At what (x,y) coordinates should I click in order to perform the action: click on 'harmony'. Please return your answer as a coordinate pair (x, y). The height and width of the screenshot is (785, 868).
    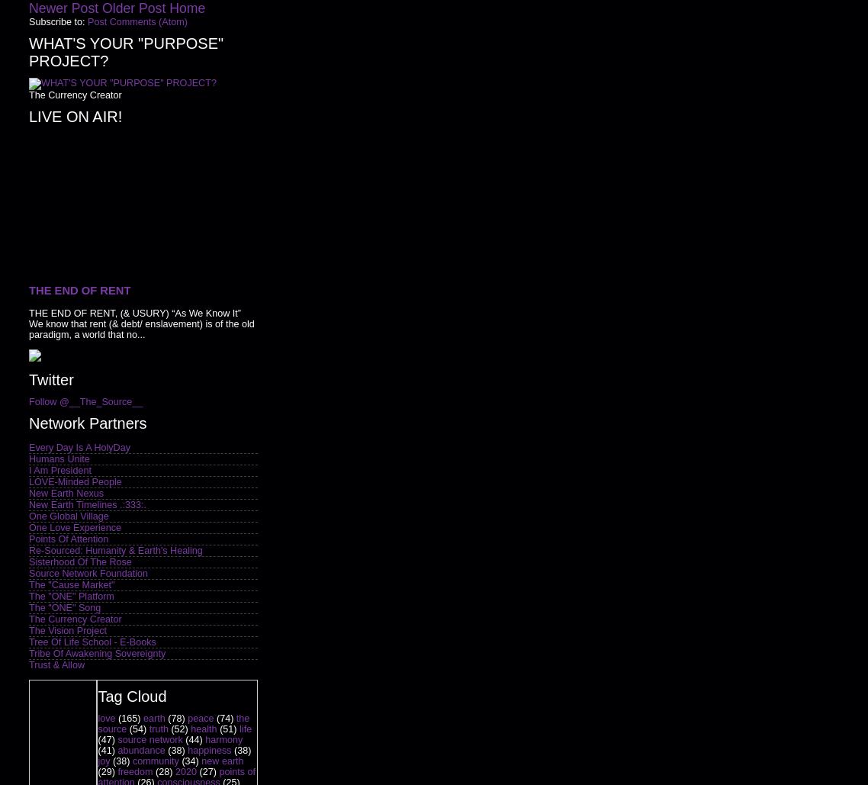
    Looking at the image, I should click on (205, 739).